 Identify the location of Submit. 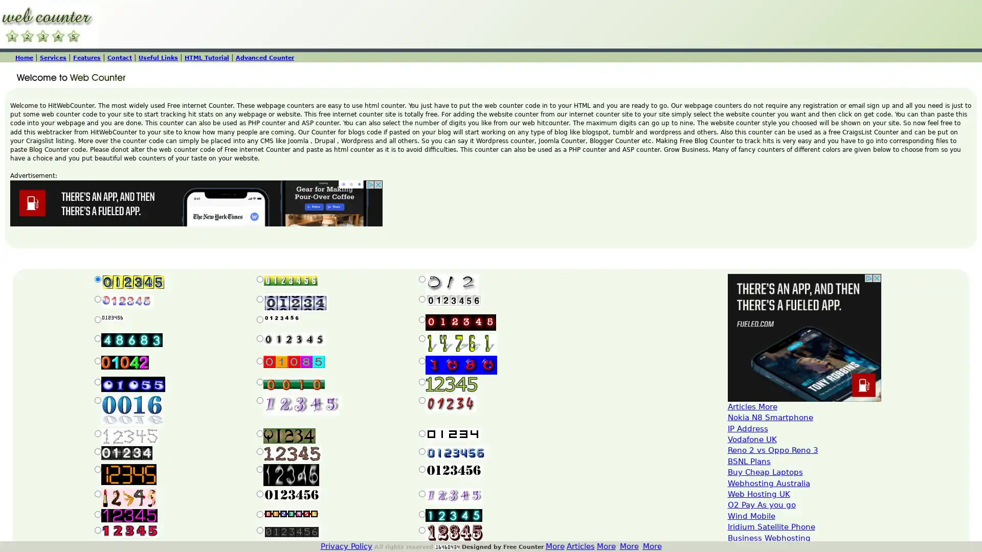
(128, 474).